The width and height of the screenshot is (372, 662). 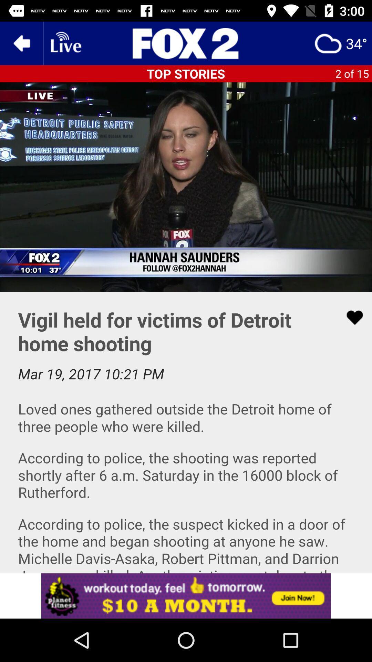 I want to click on click the heart, so click(x=350, y=317).